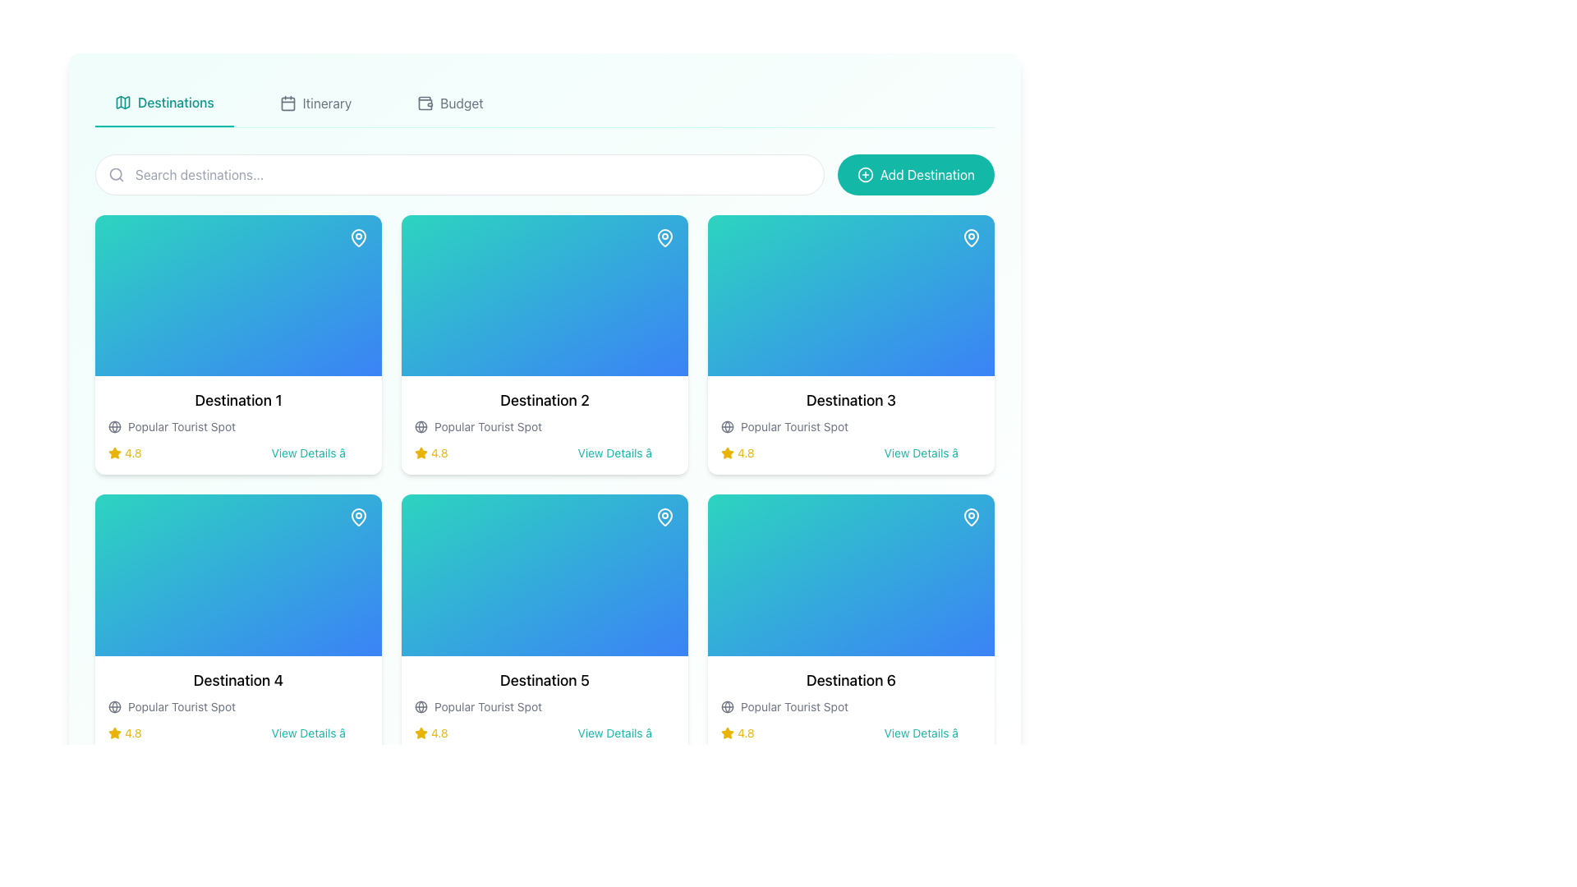 Image resolution: width=1577 pixels, height=887 pixels. What do you see at coordinates (439, 732) in the screenshot?
I see `the numeric rating '4.8' displayed in bold yellow font, located at the bottom-left corner of the 'Destination 5' card, adjacent to the yellow star icon` at bounding box center [439, 732].